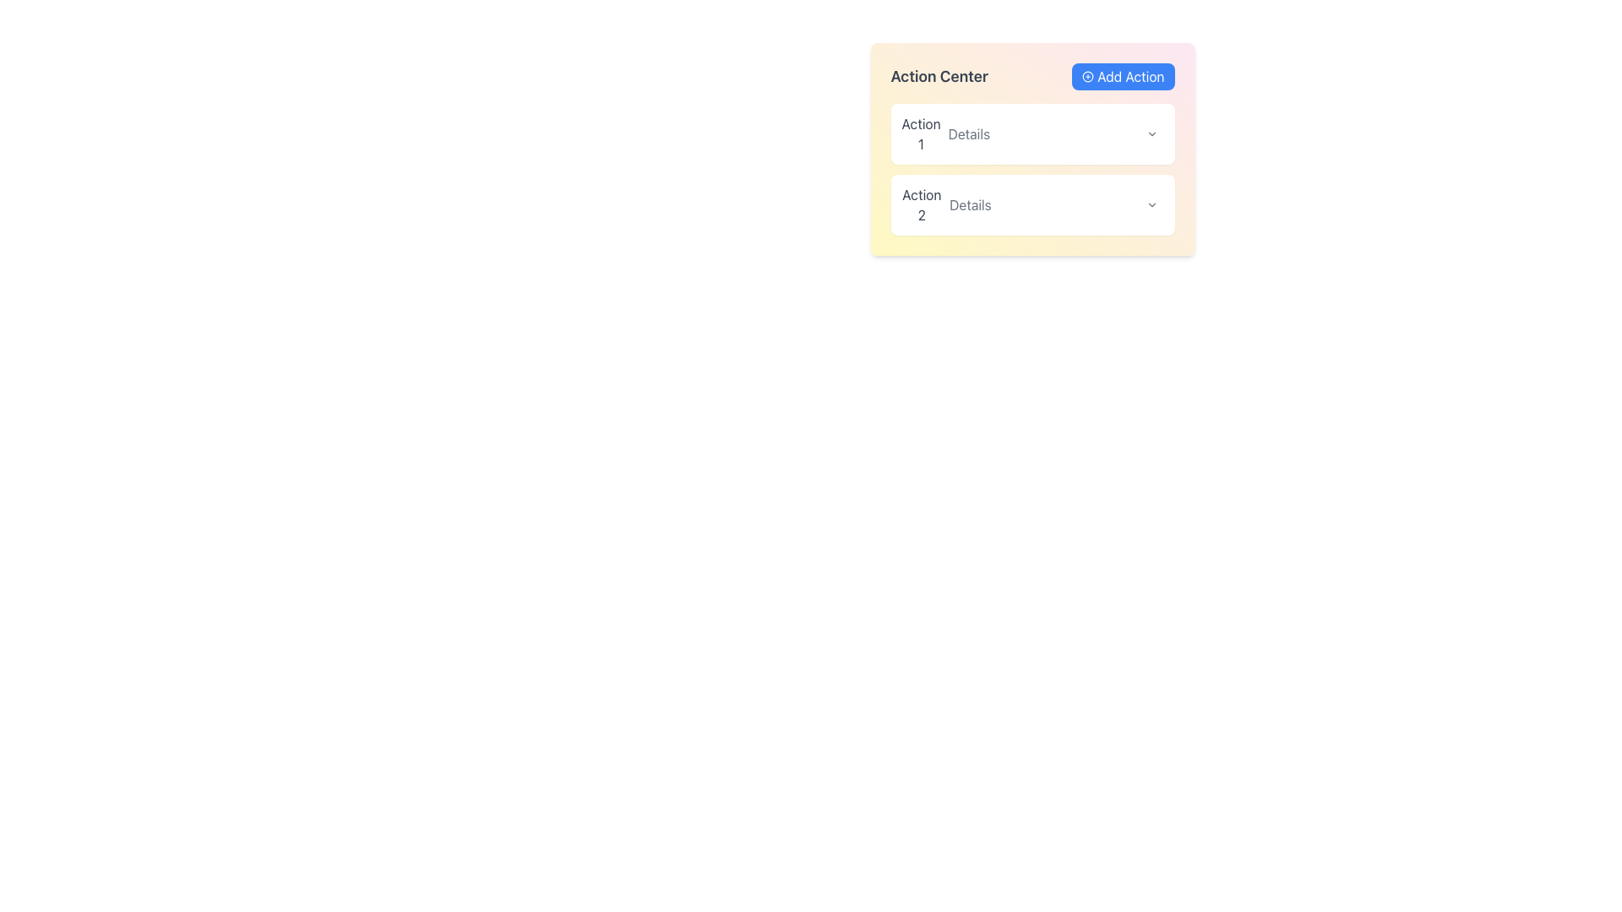 This screenshot has height=912, width=1622. Describe the element at coordinates (1151, 204) in the screenshot. I see `the chevron-down icon located at the far right of the 'Details' row in the second action item` at that location.